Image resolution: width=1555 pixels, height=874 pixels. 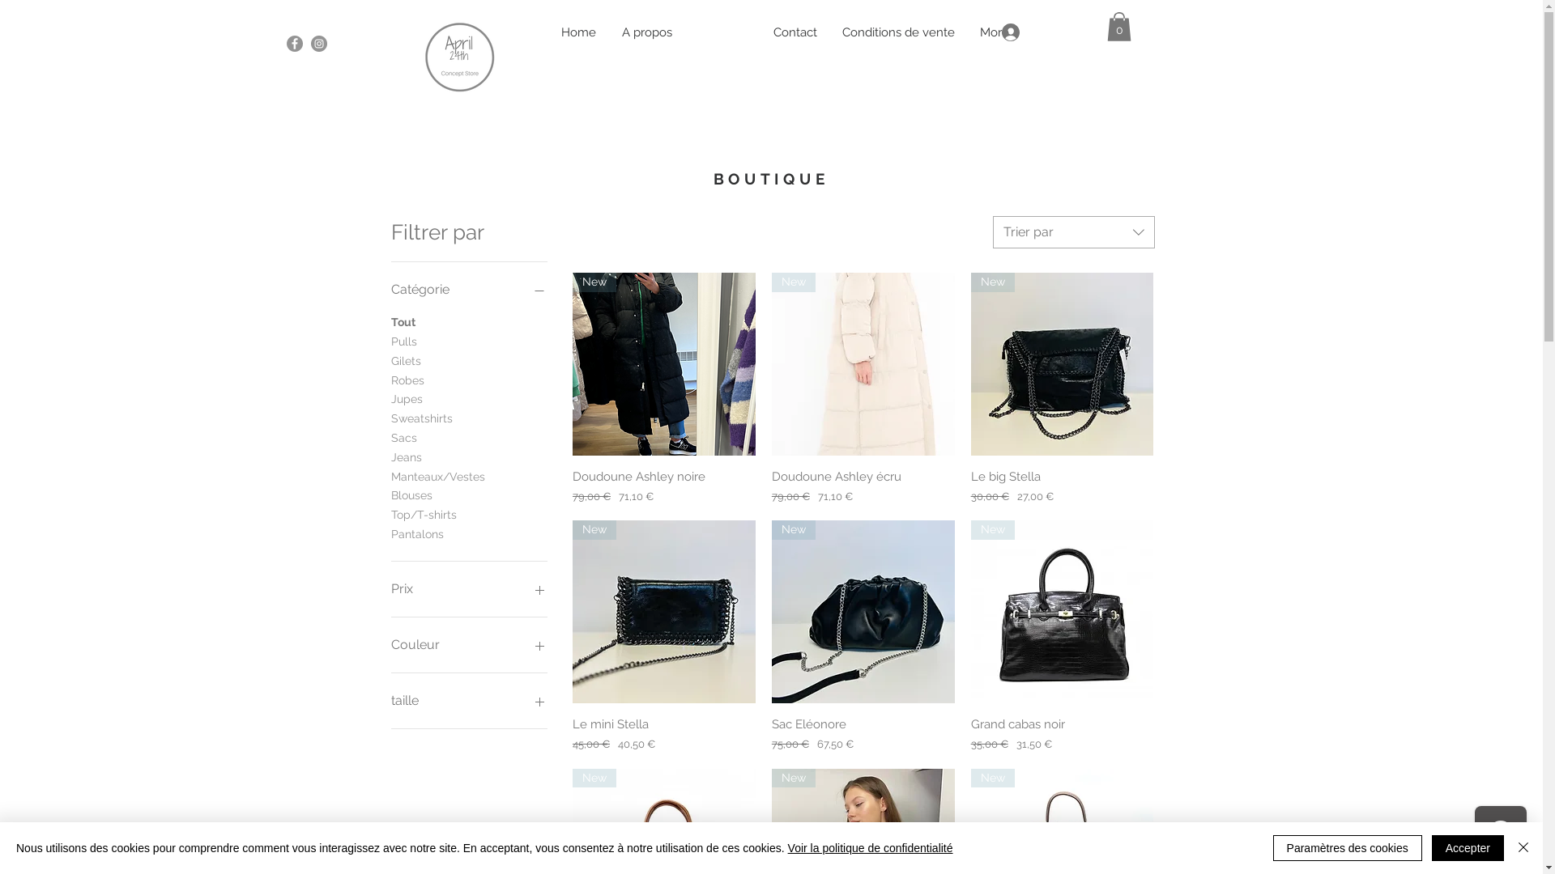 I want to click on 'Couleur', so click(x=468, y=644).